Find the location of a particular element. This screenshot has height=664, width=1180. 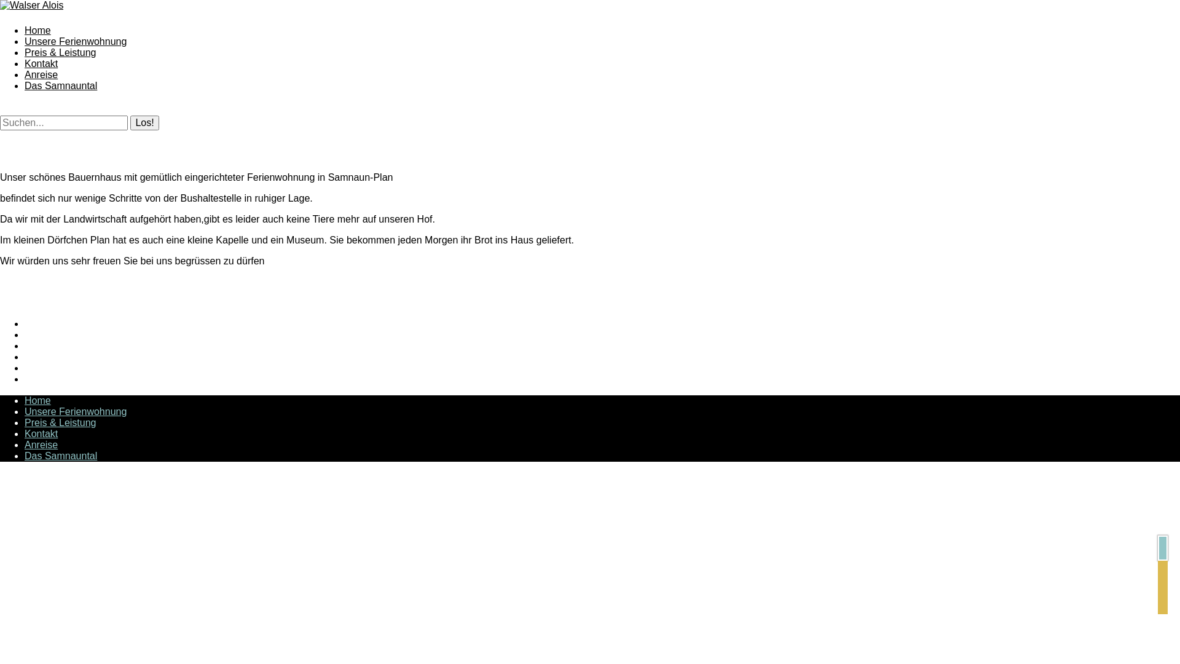

'Home' is located at coordinates (37, 400).